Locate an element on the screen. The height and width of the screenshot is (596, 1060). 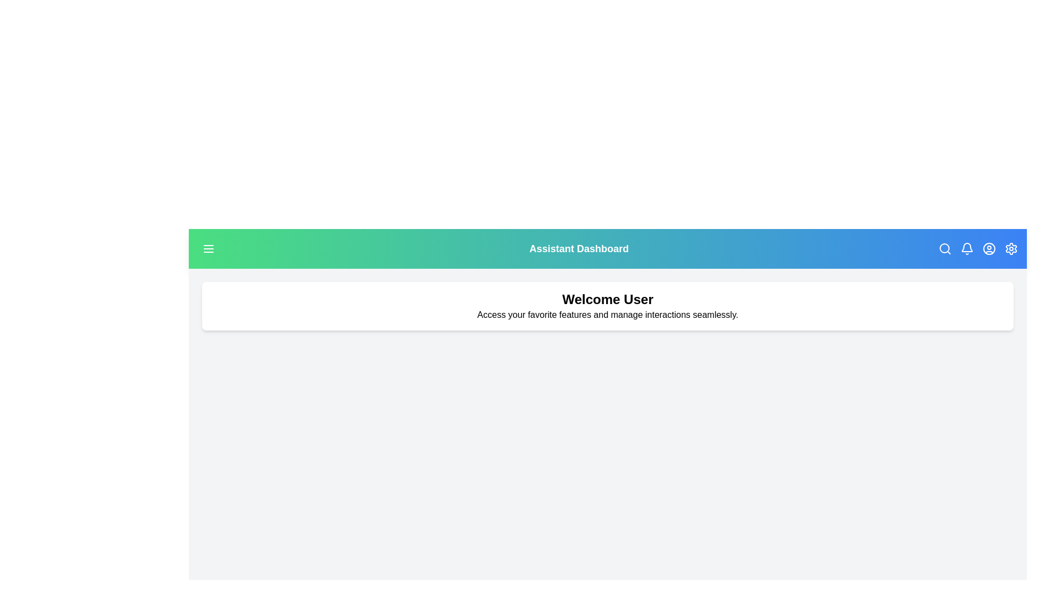
the search button in the top-right corner is located at coordinates (944, 249).